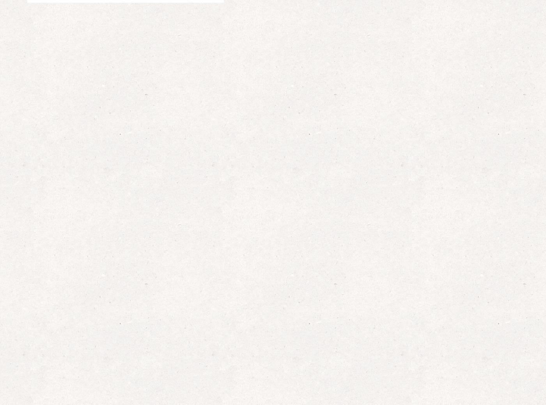 This screenshot has height=405, width=546. I want to click on 'Tāhunanui Beach – One Of The Best!', so click(420, 295).